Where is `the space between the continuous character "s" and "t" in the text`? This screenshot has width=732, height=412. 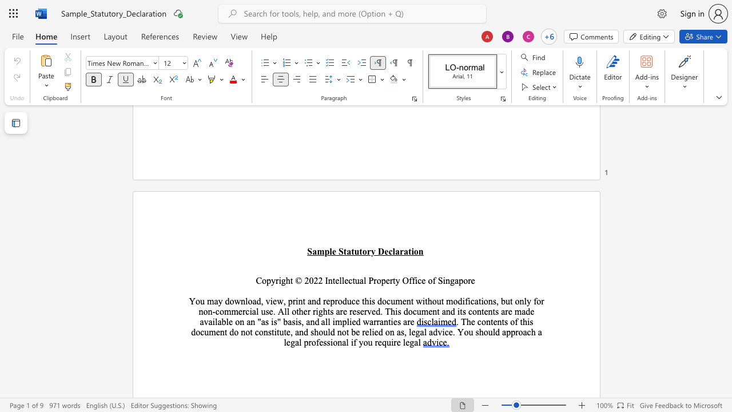 the space between the continuous character "s" and "t" in the text is located at coordinates (270, 332).